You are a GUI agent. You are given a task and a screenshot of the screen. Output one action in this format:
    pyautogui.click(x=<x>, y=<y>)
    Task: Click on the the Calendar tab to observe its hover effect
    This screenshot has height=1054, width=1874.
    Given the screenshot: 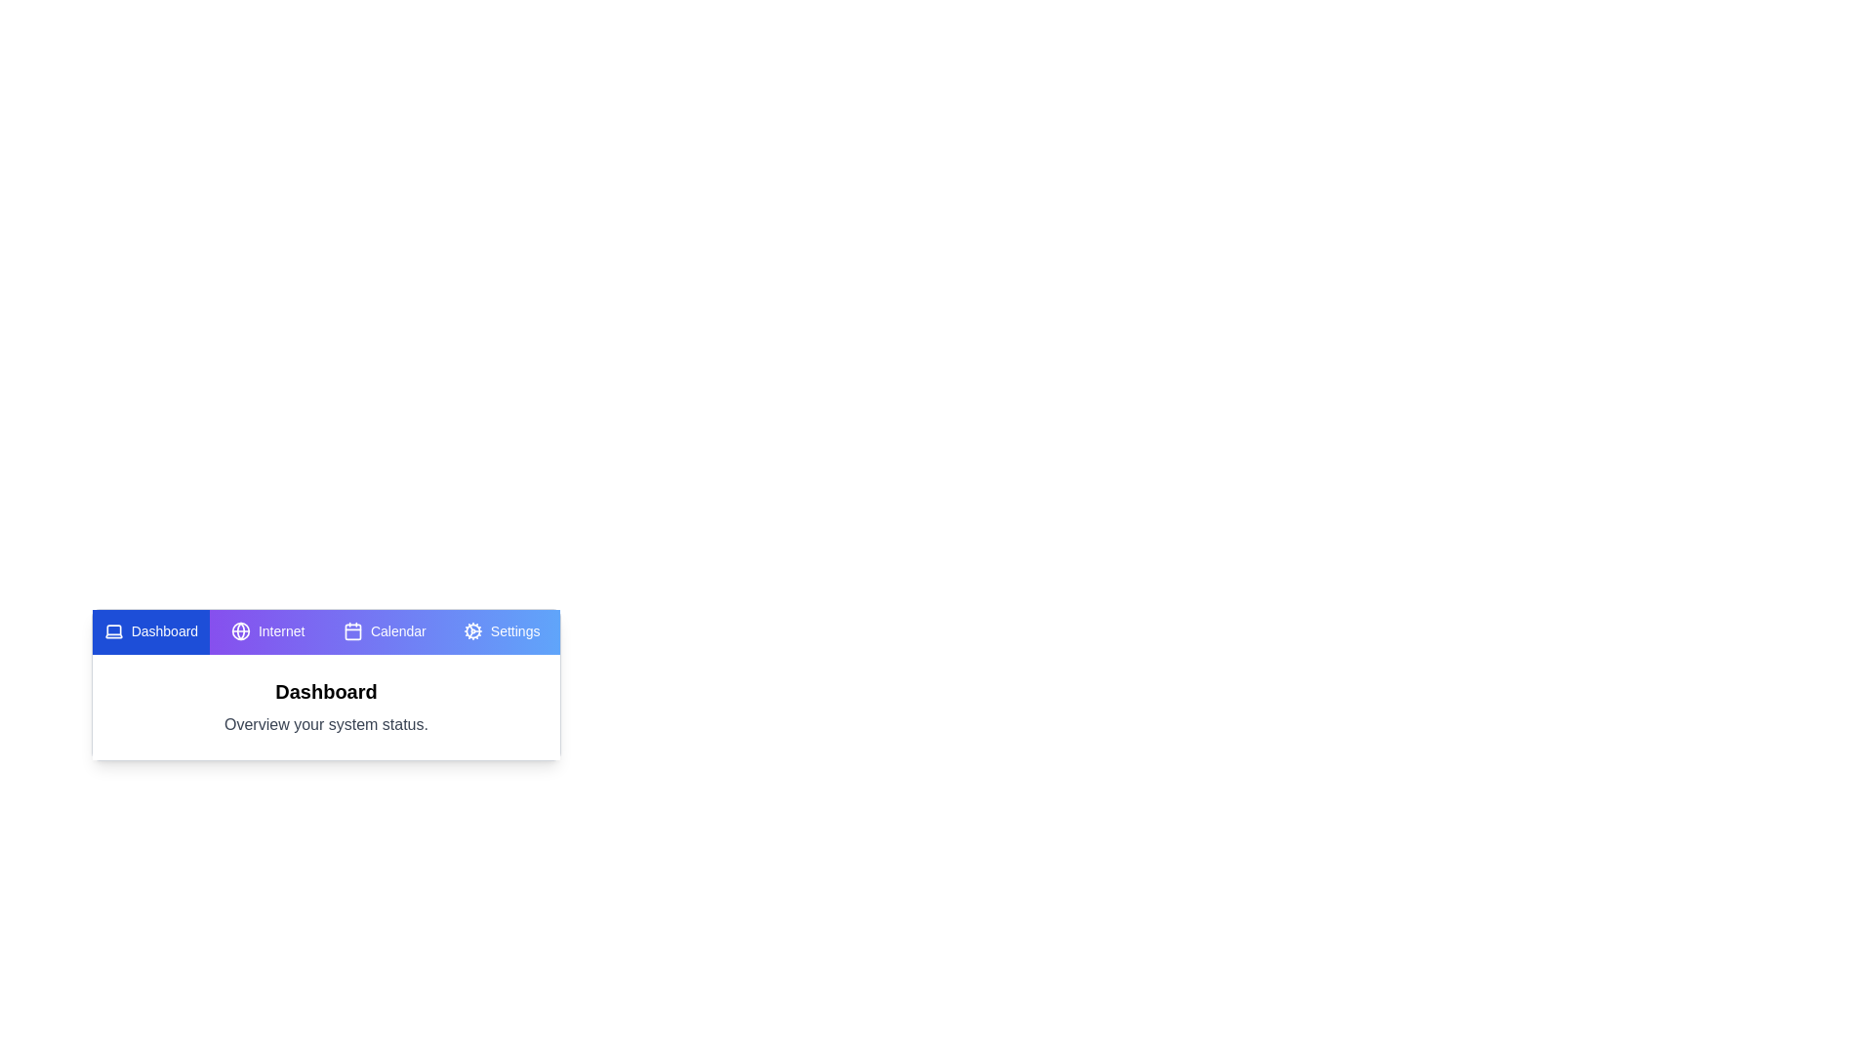 What is the action you would take?
    pyautogui.click(x=385, y=632)
    